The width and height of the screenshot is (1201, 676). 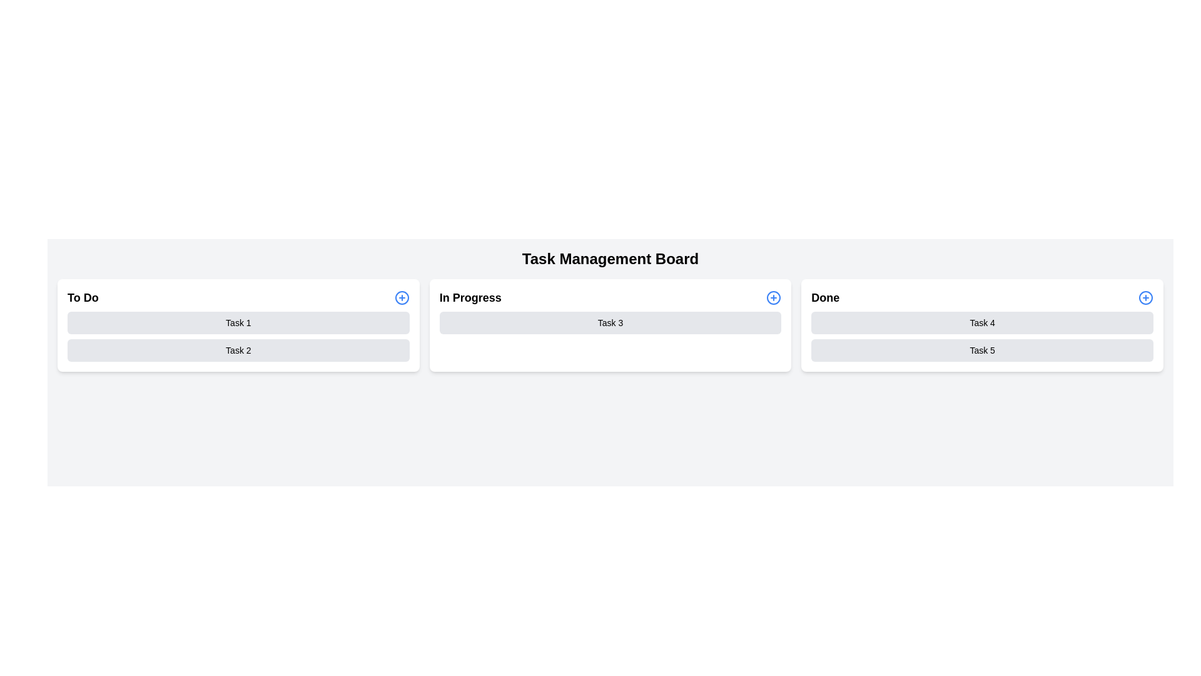 I want to click on the blue circular '+' icon located in the top-right corner of the 'Done' section header, so click(x=1146, y=297).